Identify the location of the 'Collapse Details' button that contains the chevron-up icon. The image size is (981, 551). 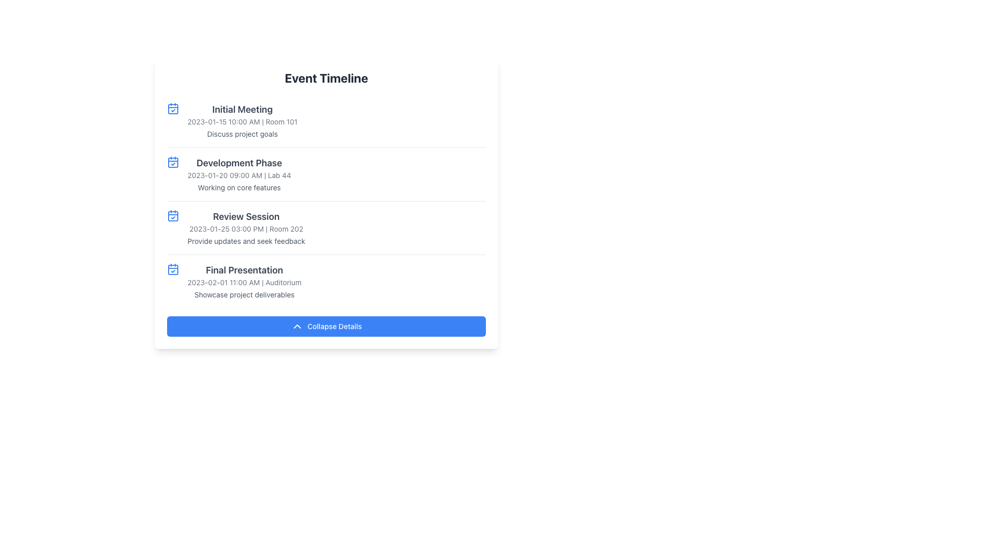
(296, 327).